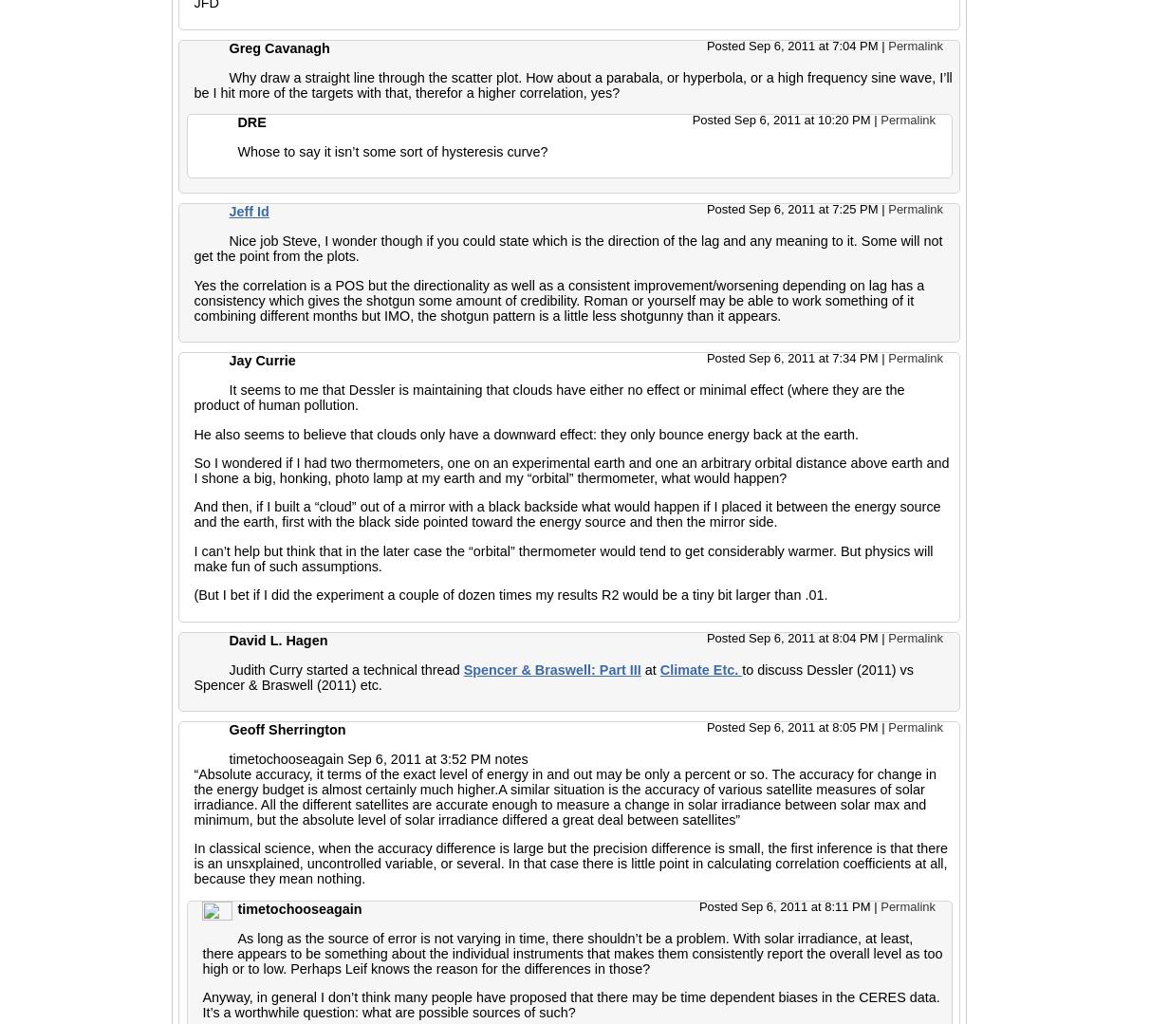 Image resolution: width=1150 pixels, height=1024 pixels. Describe the element at coordinates (279, 46) in the screenshot. I see `'Greg Cavanagh'` at that location.